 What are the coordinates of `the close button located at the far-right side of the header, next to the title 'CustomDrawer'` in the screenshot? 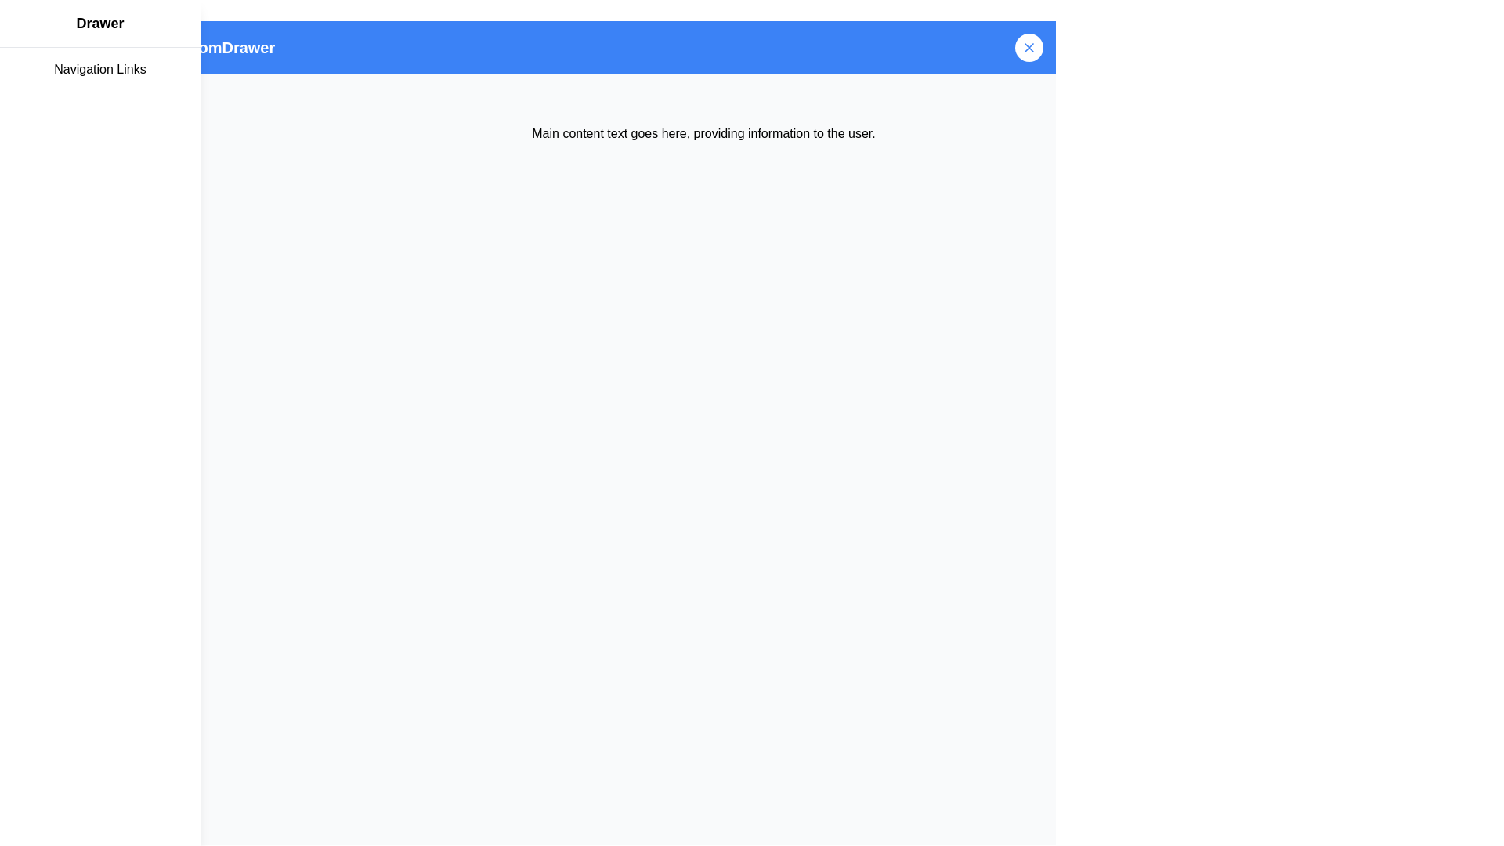 It's located at (1029, 47).